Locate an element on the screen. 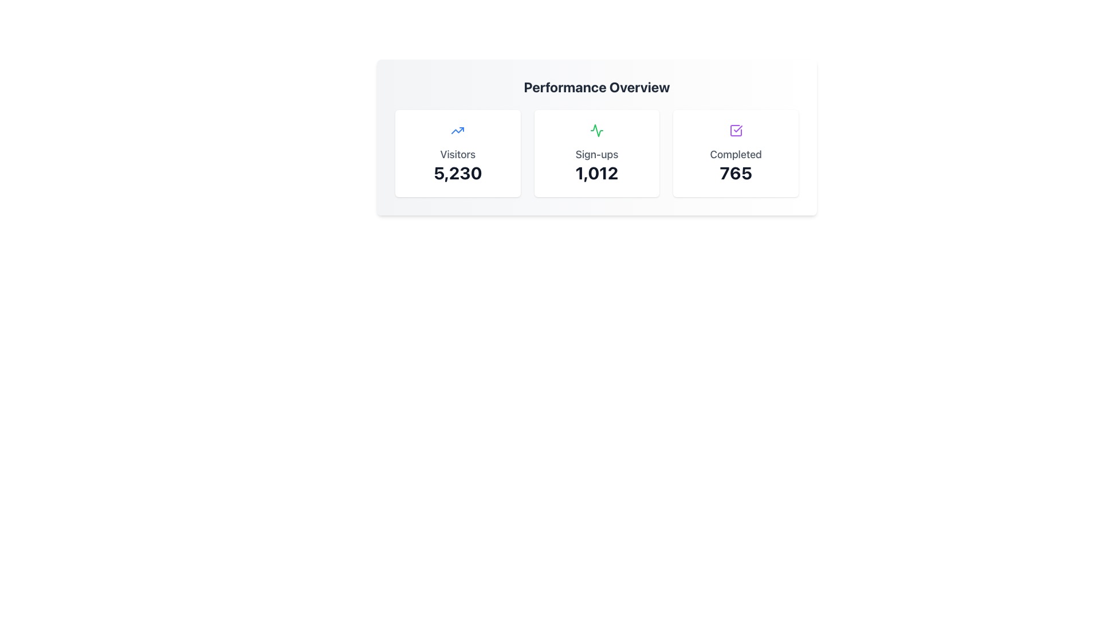  the visitor metrics icon located at the top of the card that displays 'Visitors' and the value '5,230' is located at coordinates (457, 130).